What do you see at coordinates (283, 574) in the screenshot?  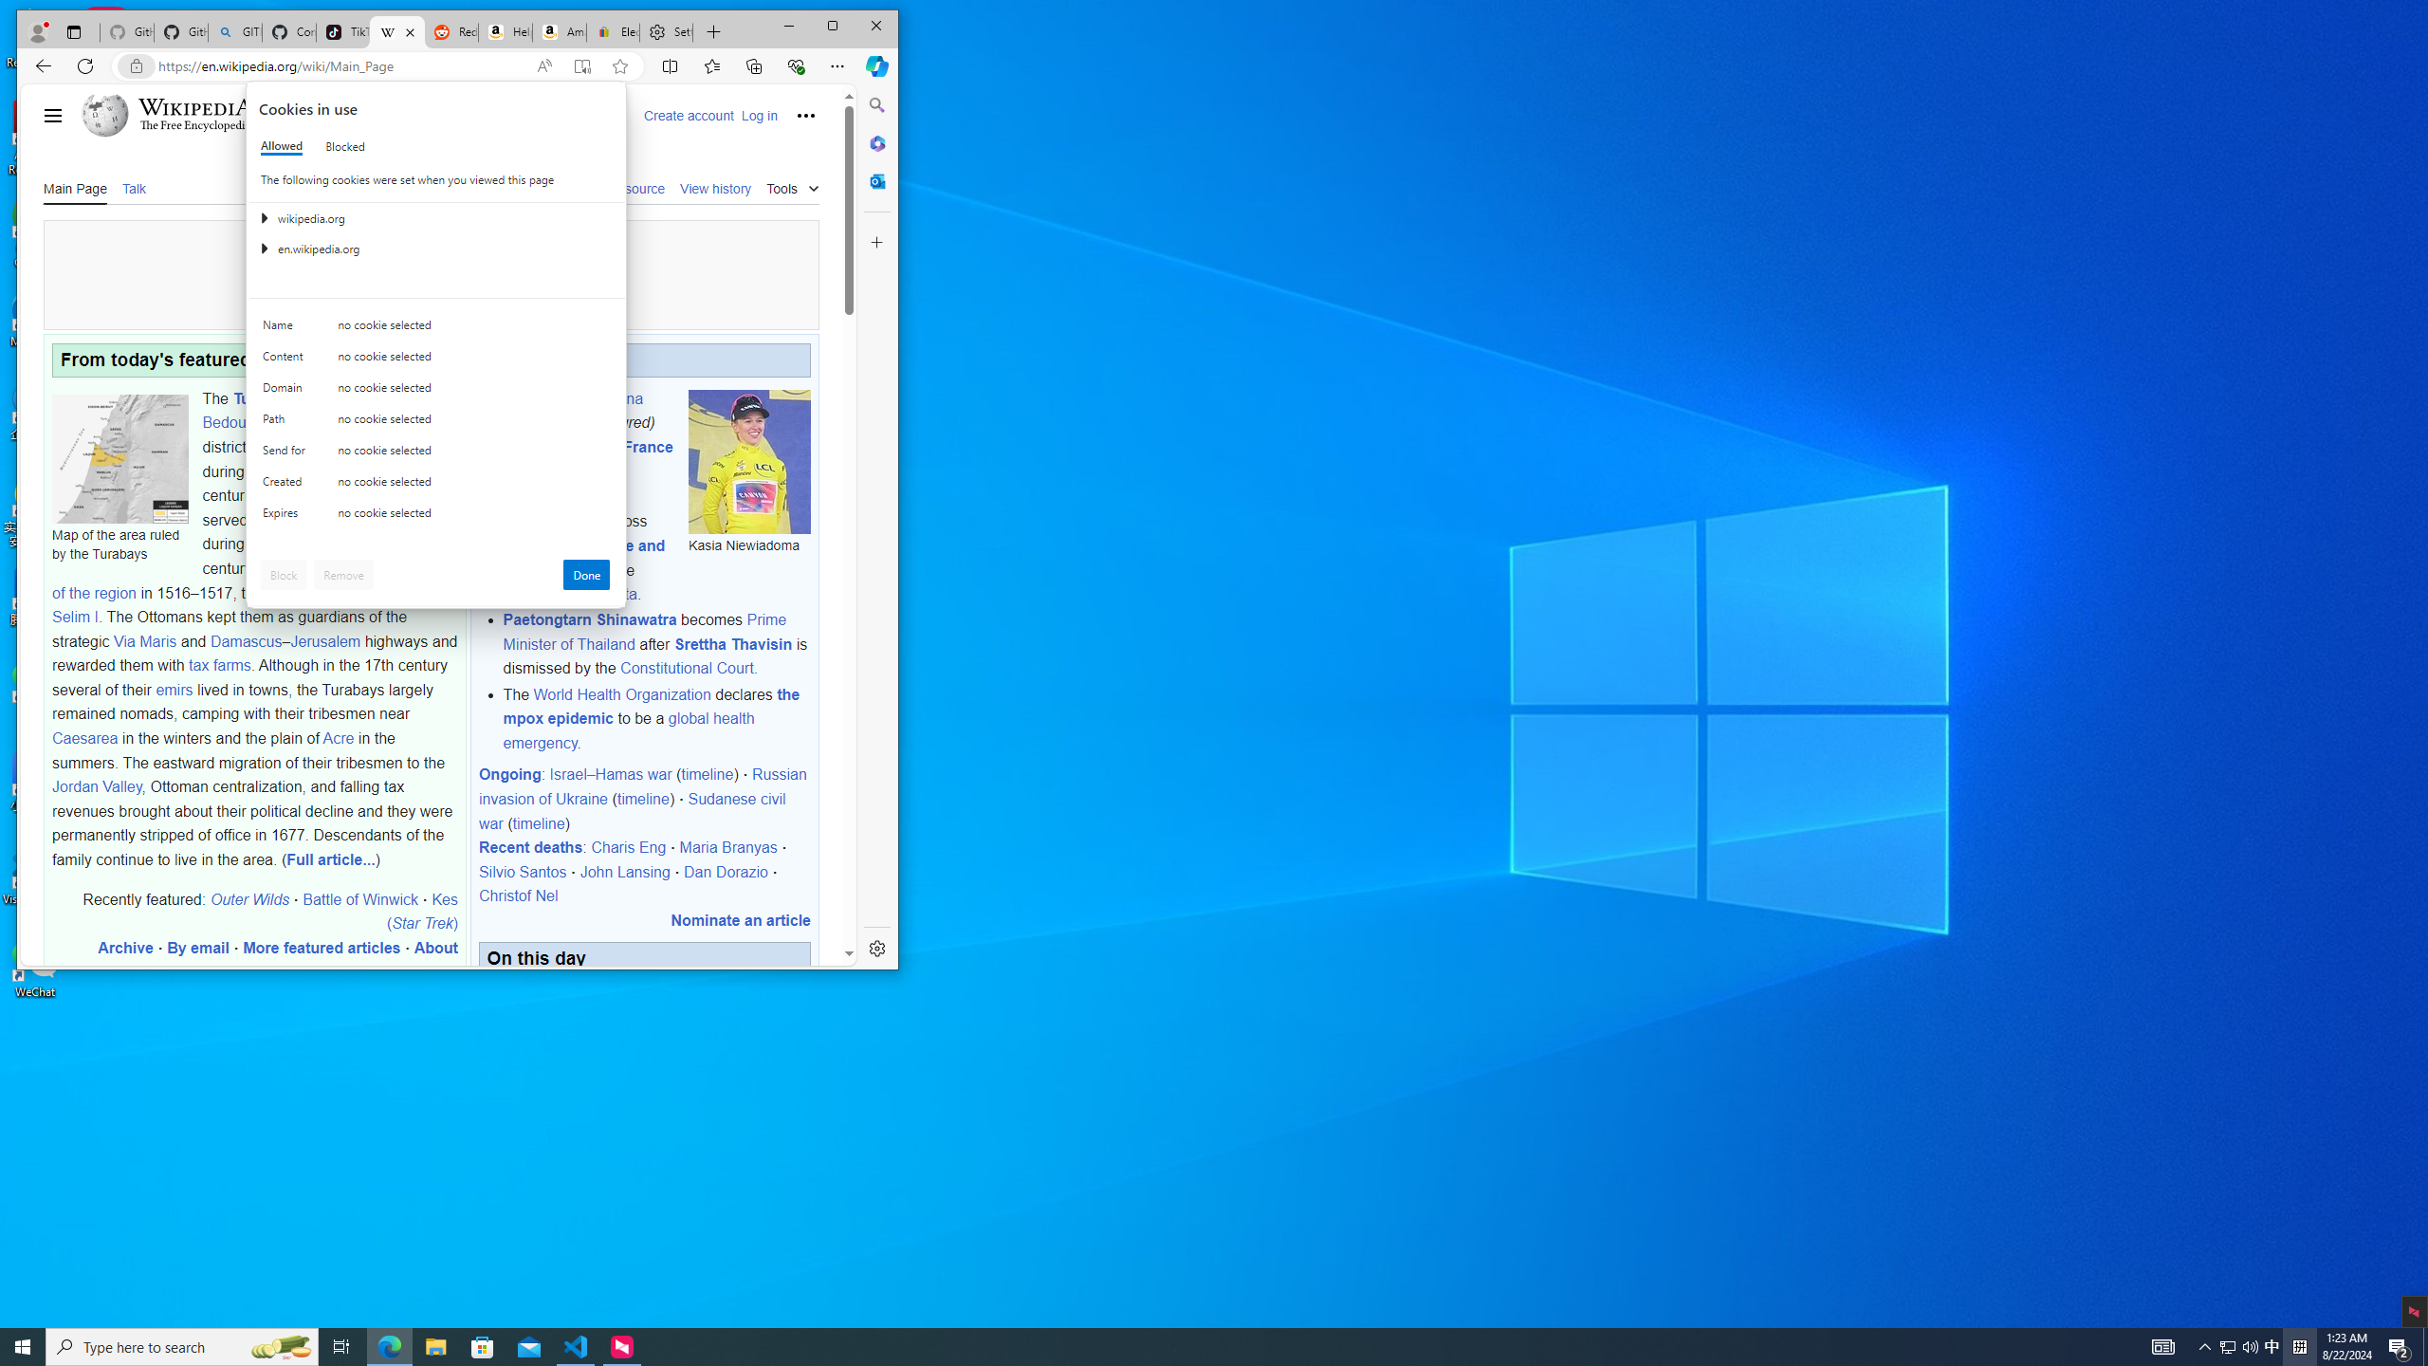 I see `'Block'` at bounding box center [283, 574].